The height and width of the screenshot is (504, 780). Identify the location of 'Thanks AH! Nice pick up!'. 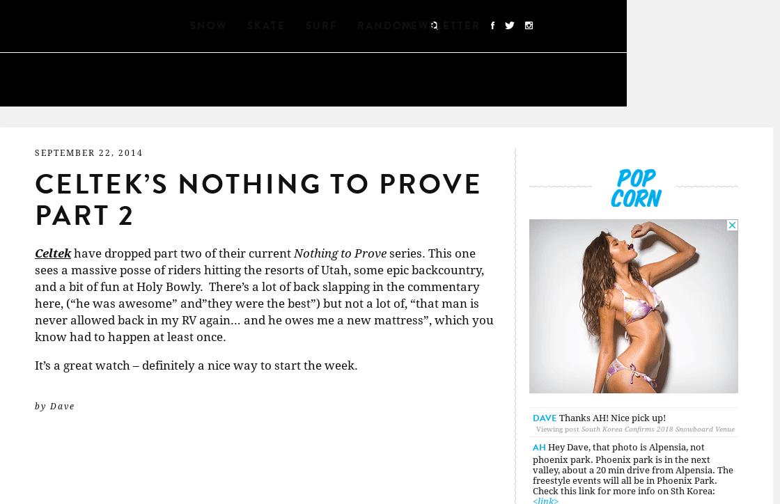
(612, 418).